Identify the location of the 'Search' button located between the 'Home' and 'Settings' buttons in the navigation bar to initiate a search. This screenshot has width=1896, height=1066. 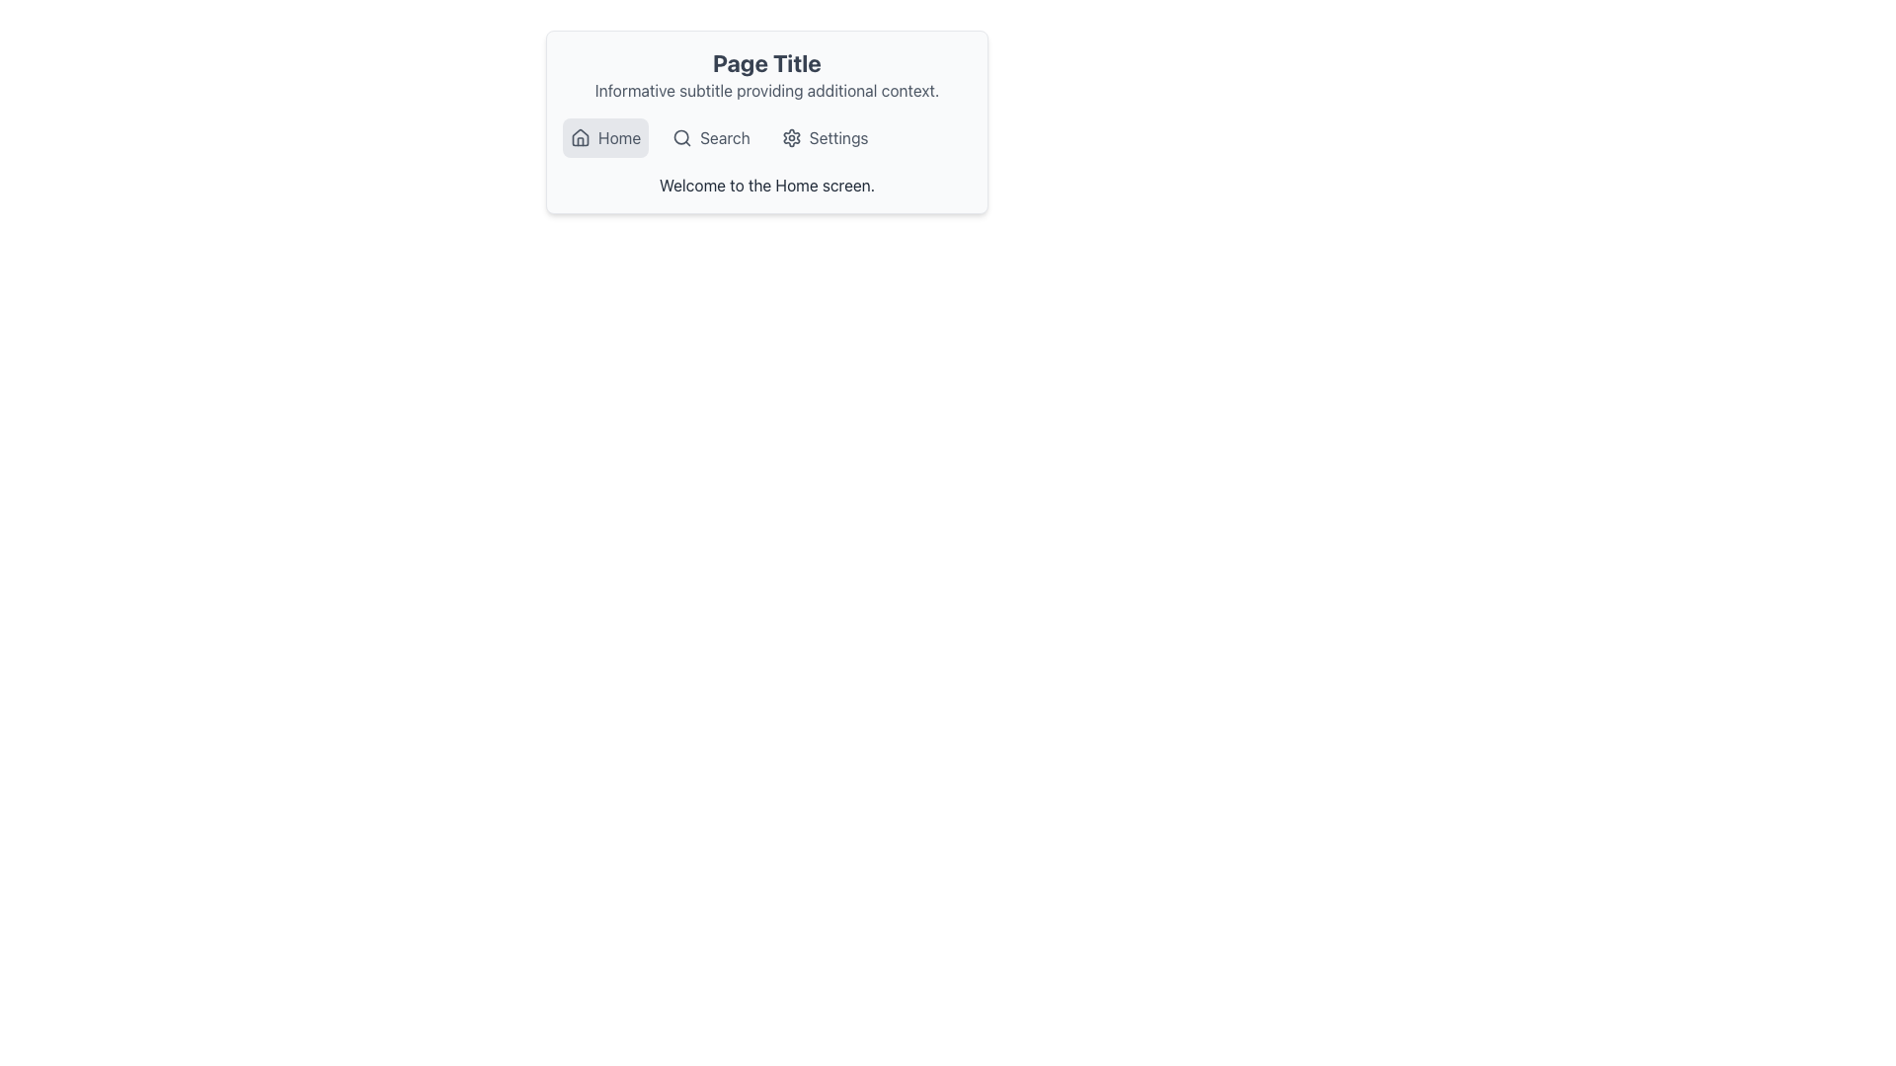
(711, 136).